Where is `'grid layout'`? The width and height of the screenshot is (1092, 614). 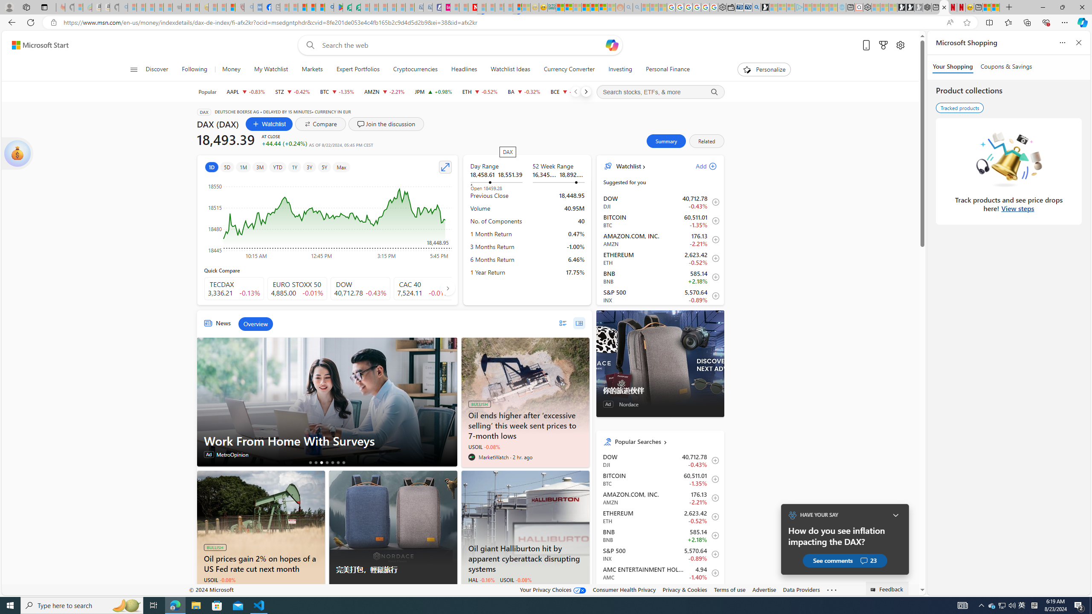 'grid layout' is located at coordinates (579, 323).